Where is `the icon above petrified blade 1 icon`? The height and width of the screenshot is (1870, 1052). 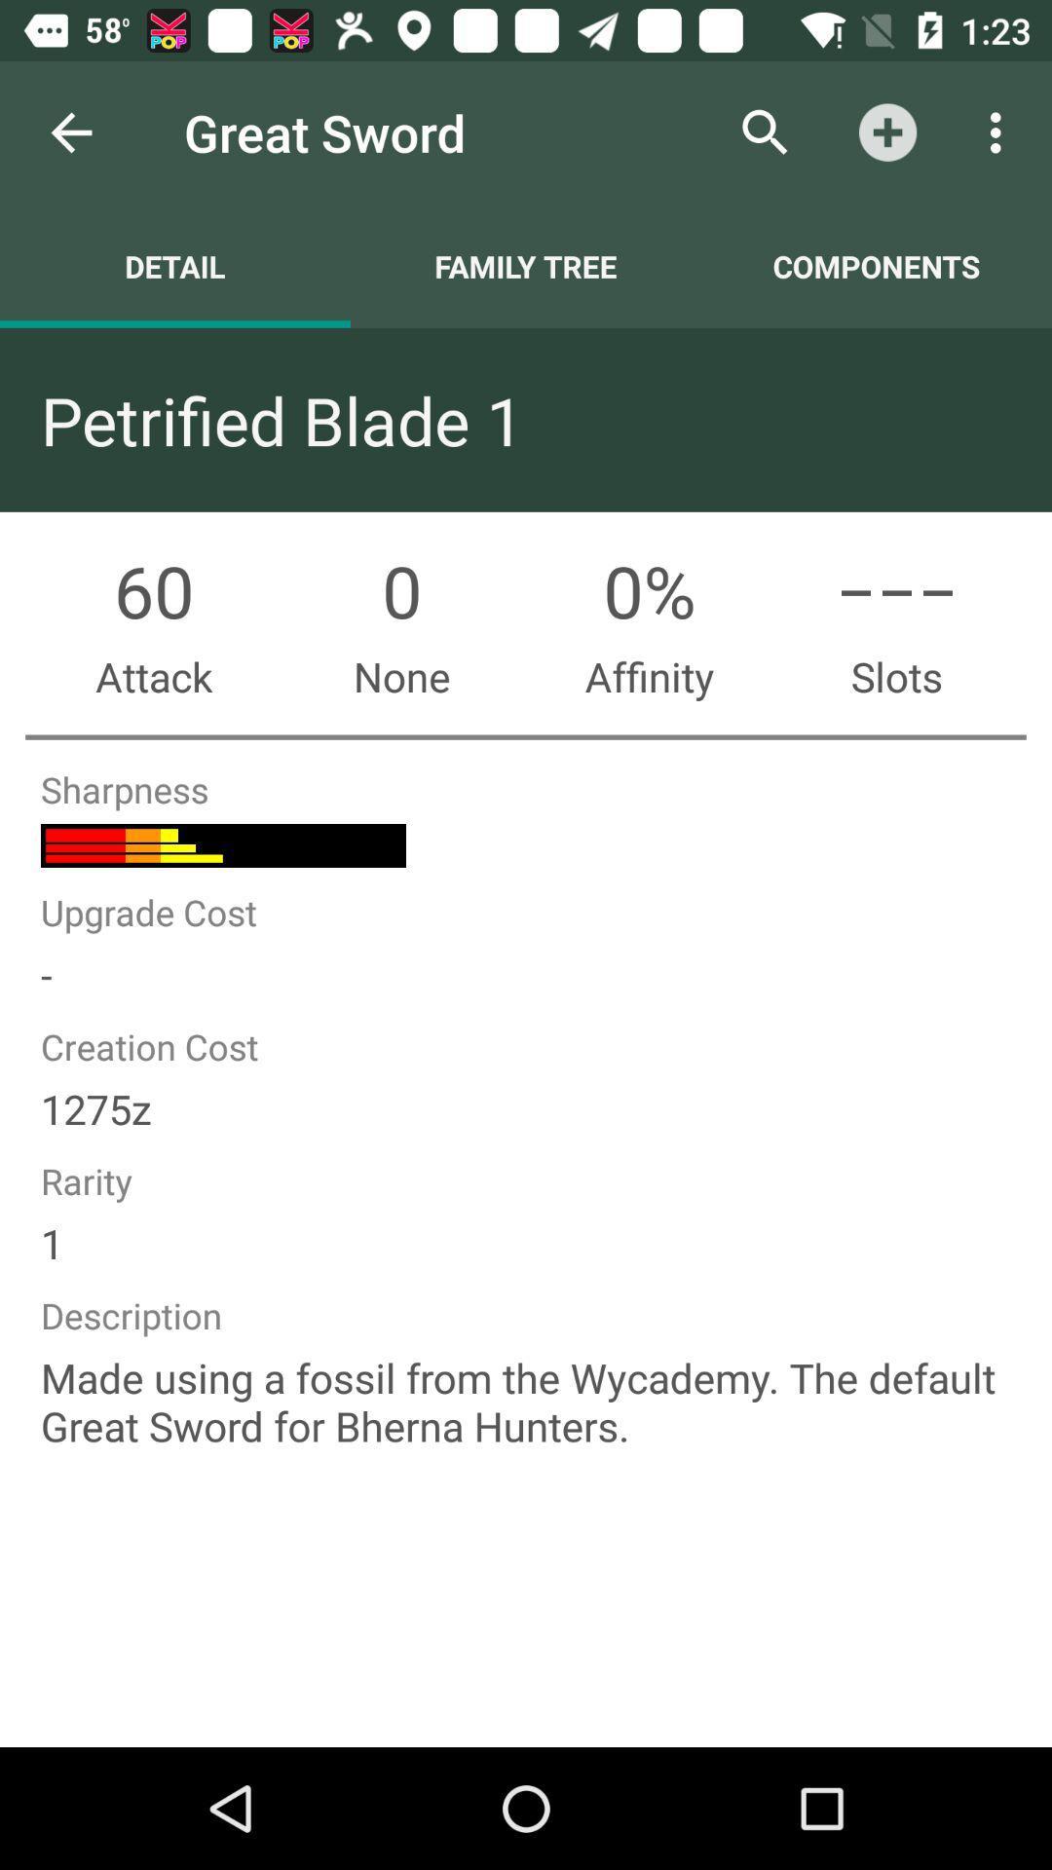
the icon above petrified blade 1 icon is located at coordinates (526, 265).